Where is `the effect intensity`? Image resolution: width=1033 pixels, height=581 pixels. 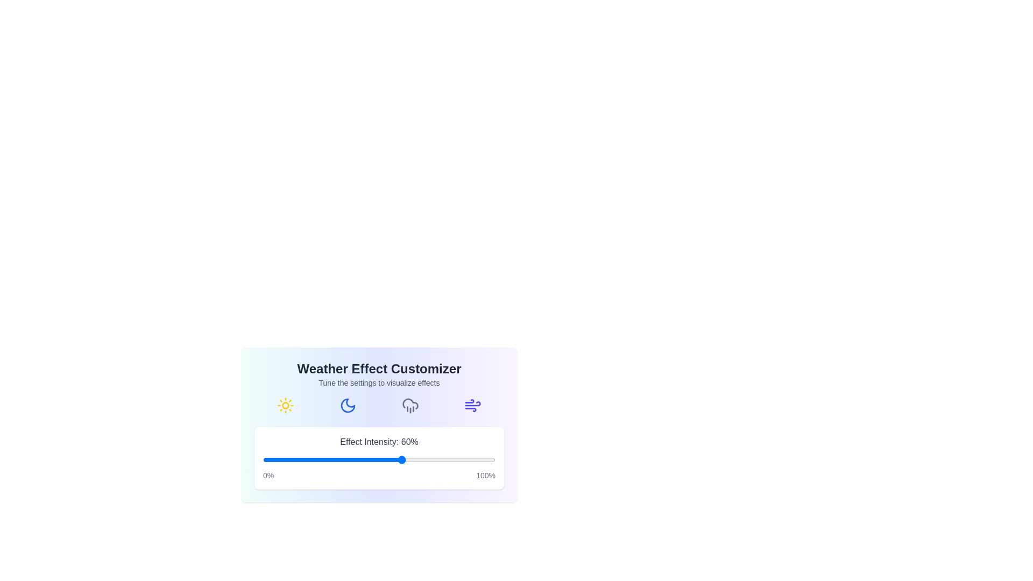
the effect intensity is located at coordinates (277, 460).